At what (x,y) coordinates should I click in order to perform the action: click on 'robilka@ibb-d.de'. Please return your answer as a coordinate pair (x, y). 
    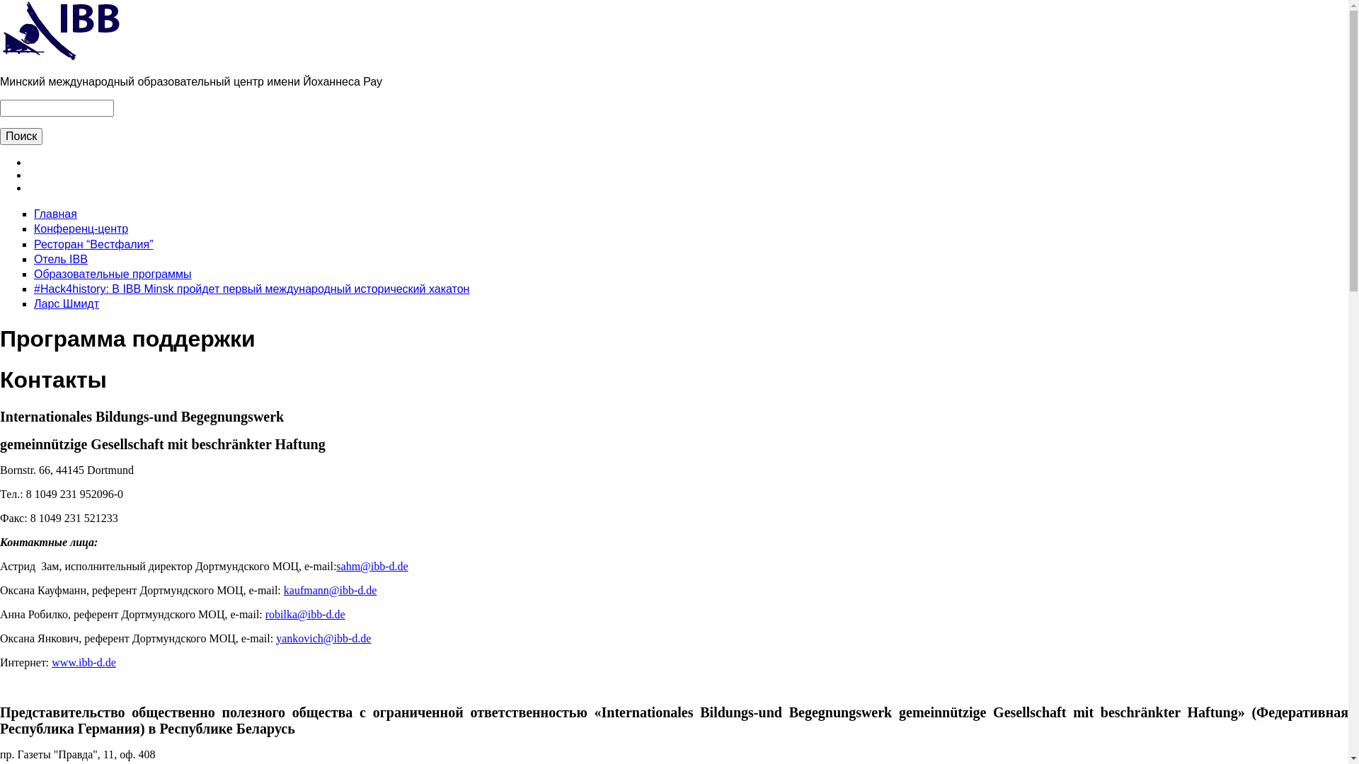
    Looking at the image, I should click on (265, 613).